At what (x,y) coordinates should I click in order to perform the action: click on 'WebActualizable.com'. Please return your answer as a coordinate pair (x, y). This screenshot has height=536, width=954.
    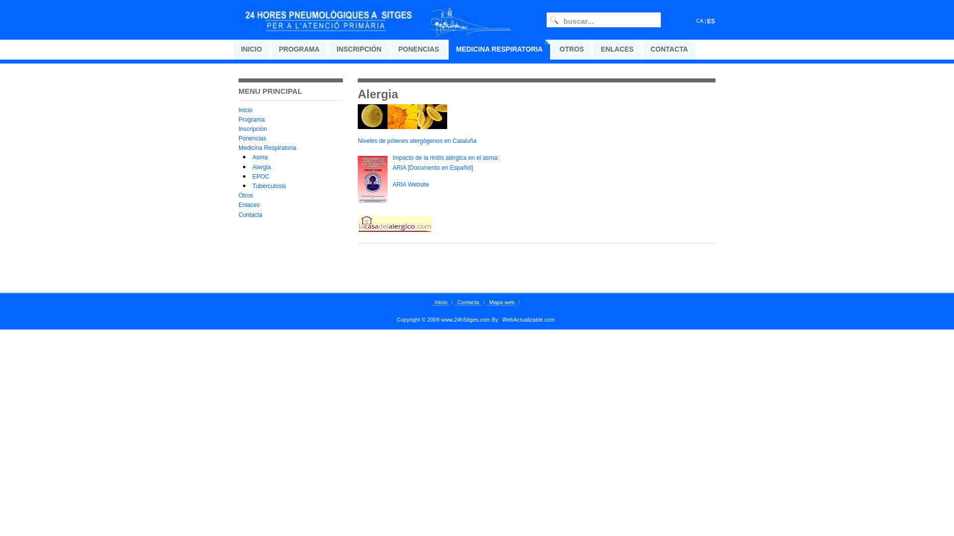
    Looking at the image, I should click on (500, 320).